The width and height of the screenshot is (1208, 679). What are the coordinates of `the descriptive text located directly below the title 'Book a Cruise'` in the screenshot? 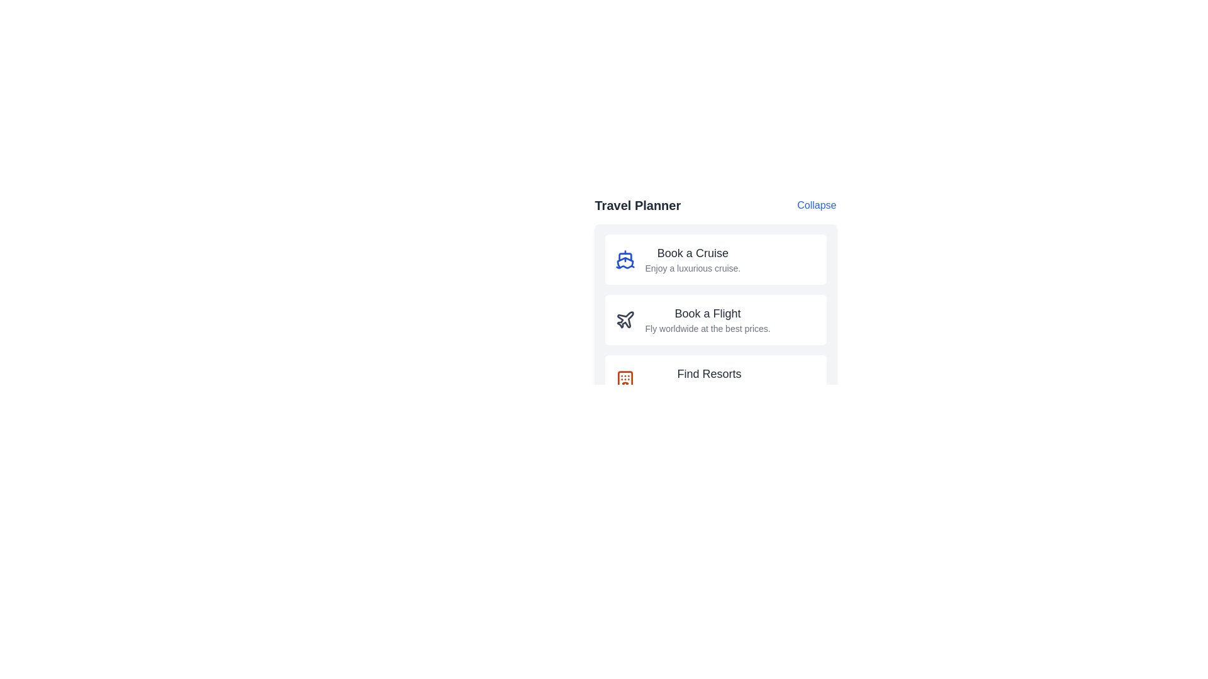 It's located at (692, 268).